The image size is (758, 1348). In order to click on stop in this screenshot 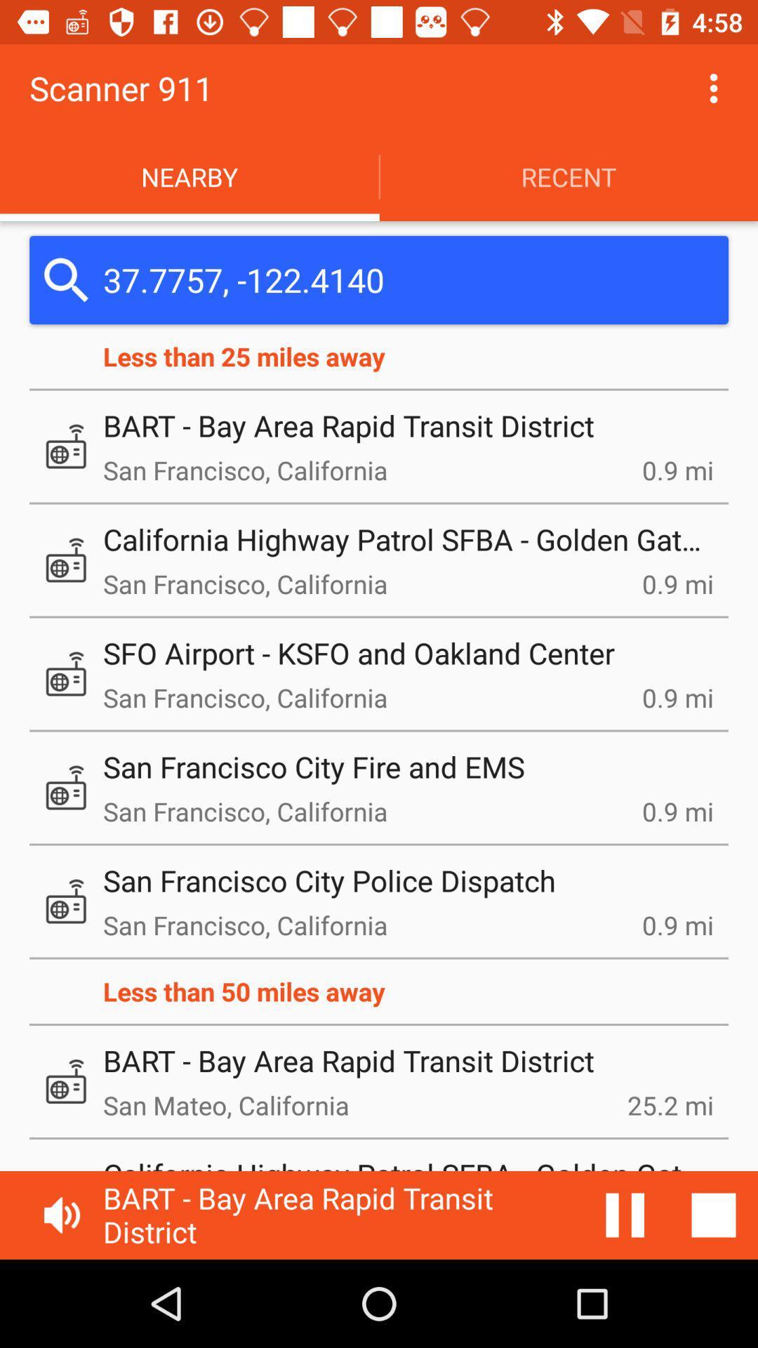, I will do `click(625, 1215)`.